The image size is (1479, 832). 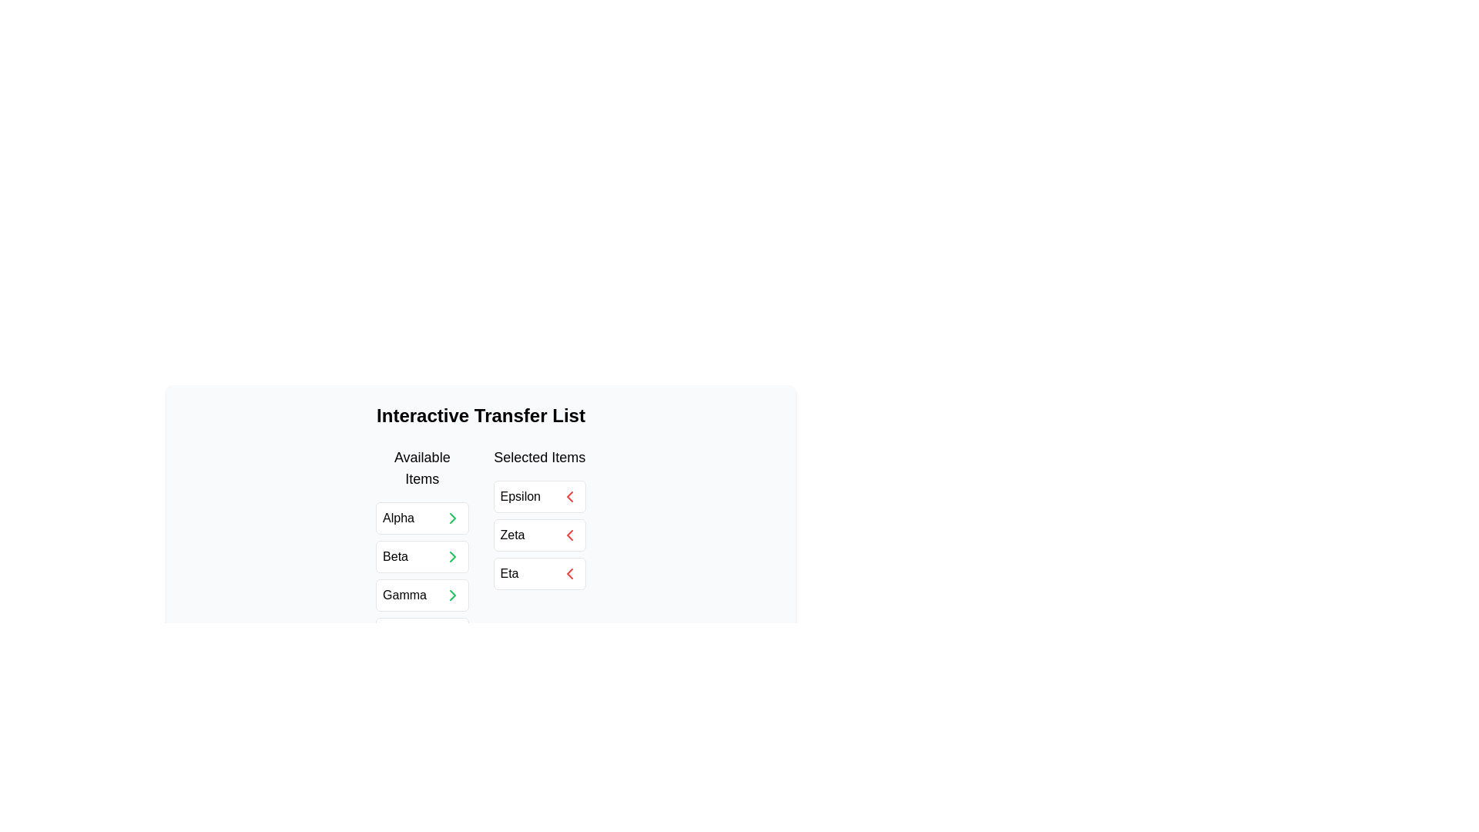 I want to click on green arrow button next to the item Gamma in the 'Available Items' list to move it to the 'Selected Items' list, so click(x=451, y=594).